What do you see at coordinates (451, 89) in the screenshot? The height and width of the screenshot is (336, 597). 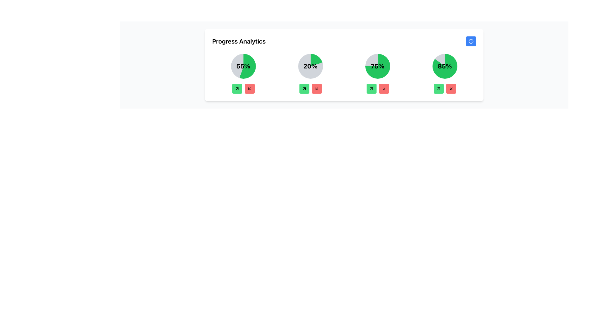 I see `on the red square button with rounded corners and a down-left arrow icon, located at the bottom of the fourth progress analytics gauge (85%)` at bounding box center [451, 89].